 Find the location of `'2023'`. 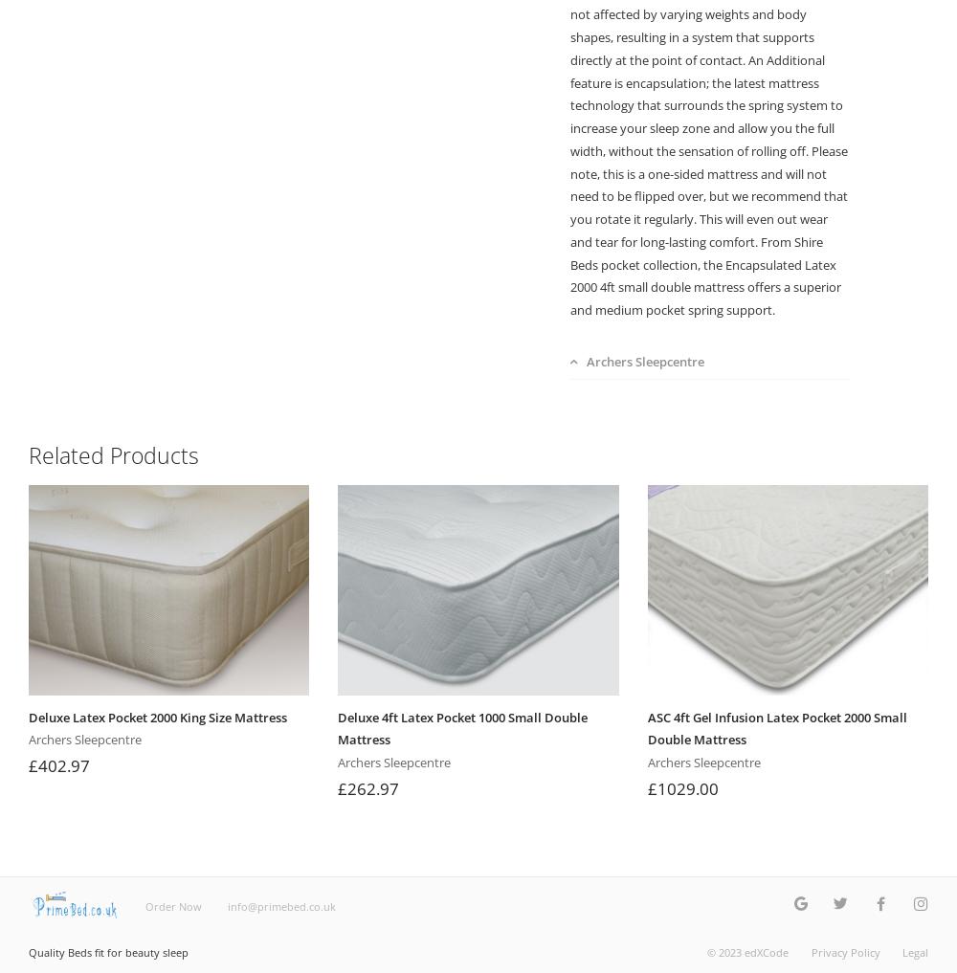

'2023' is located at coordinates (730, 952).